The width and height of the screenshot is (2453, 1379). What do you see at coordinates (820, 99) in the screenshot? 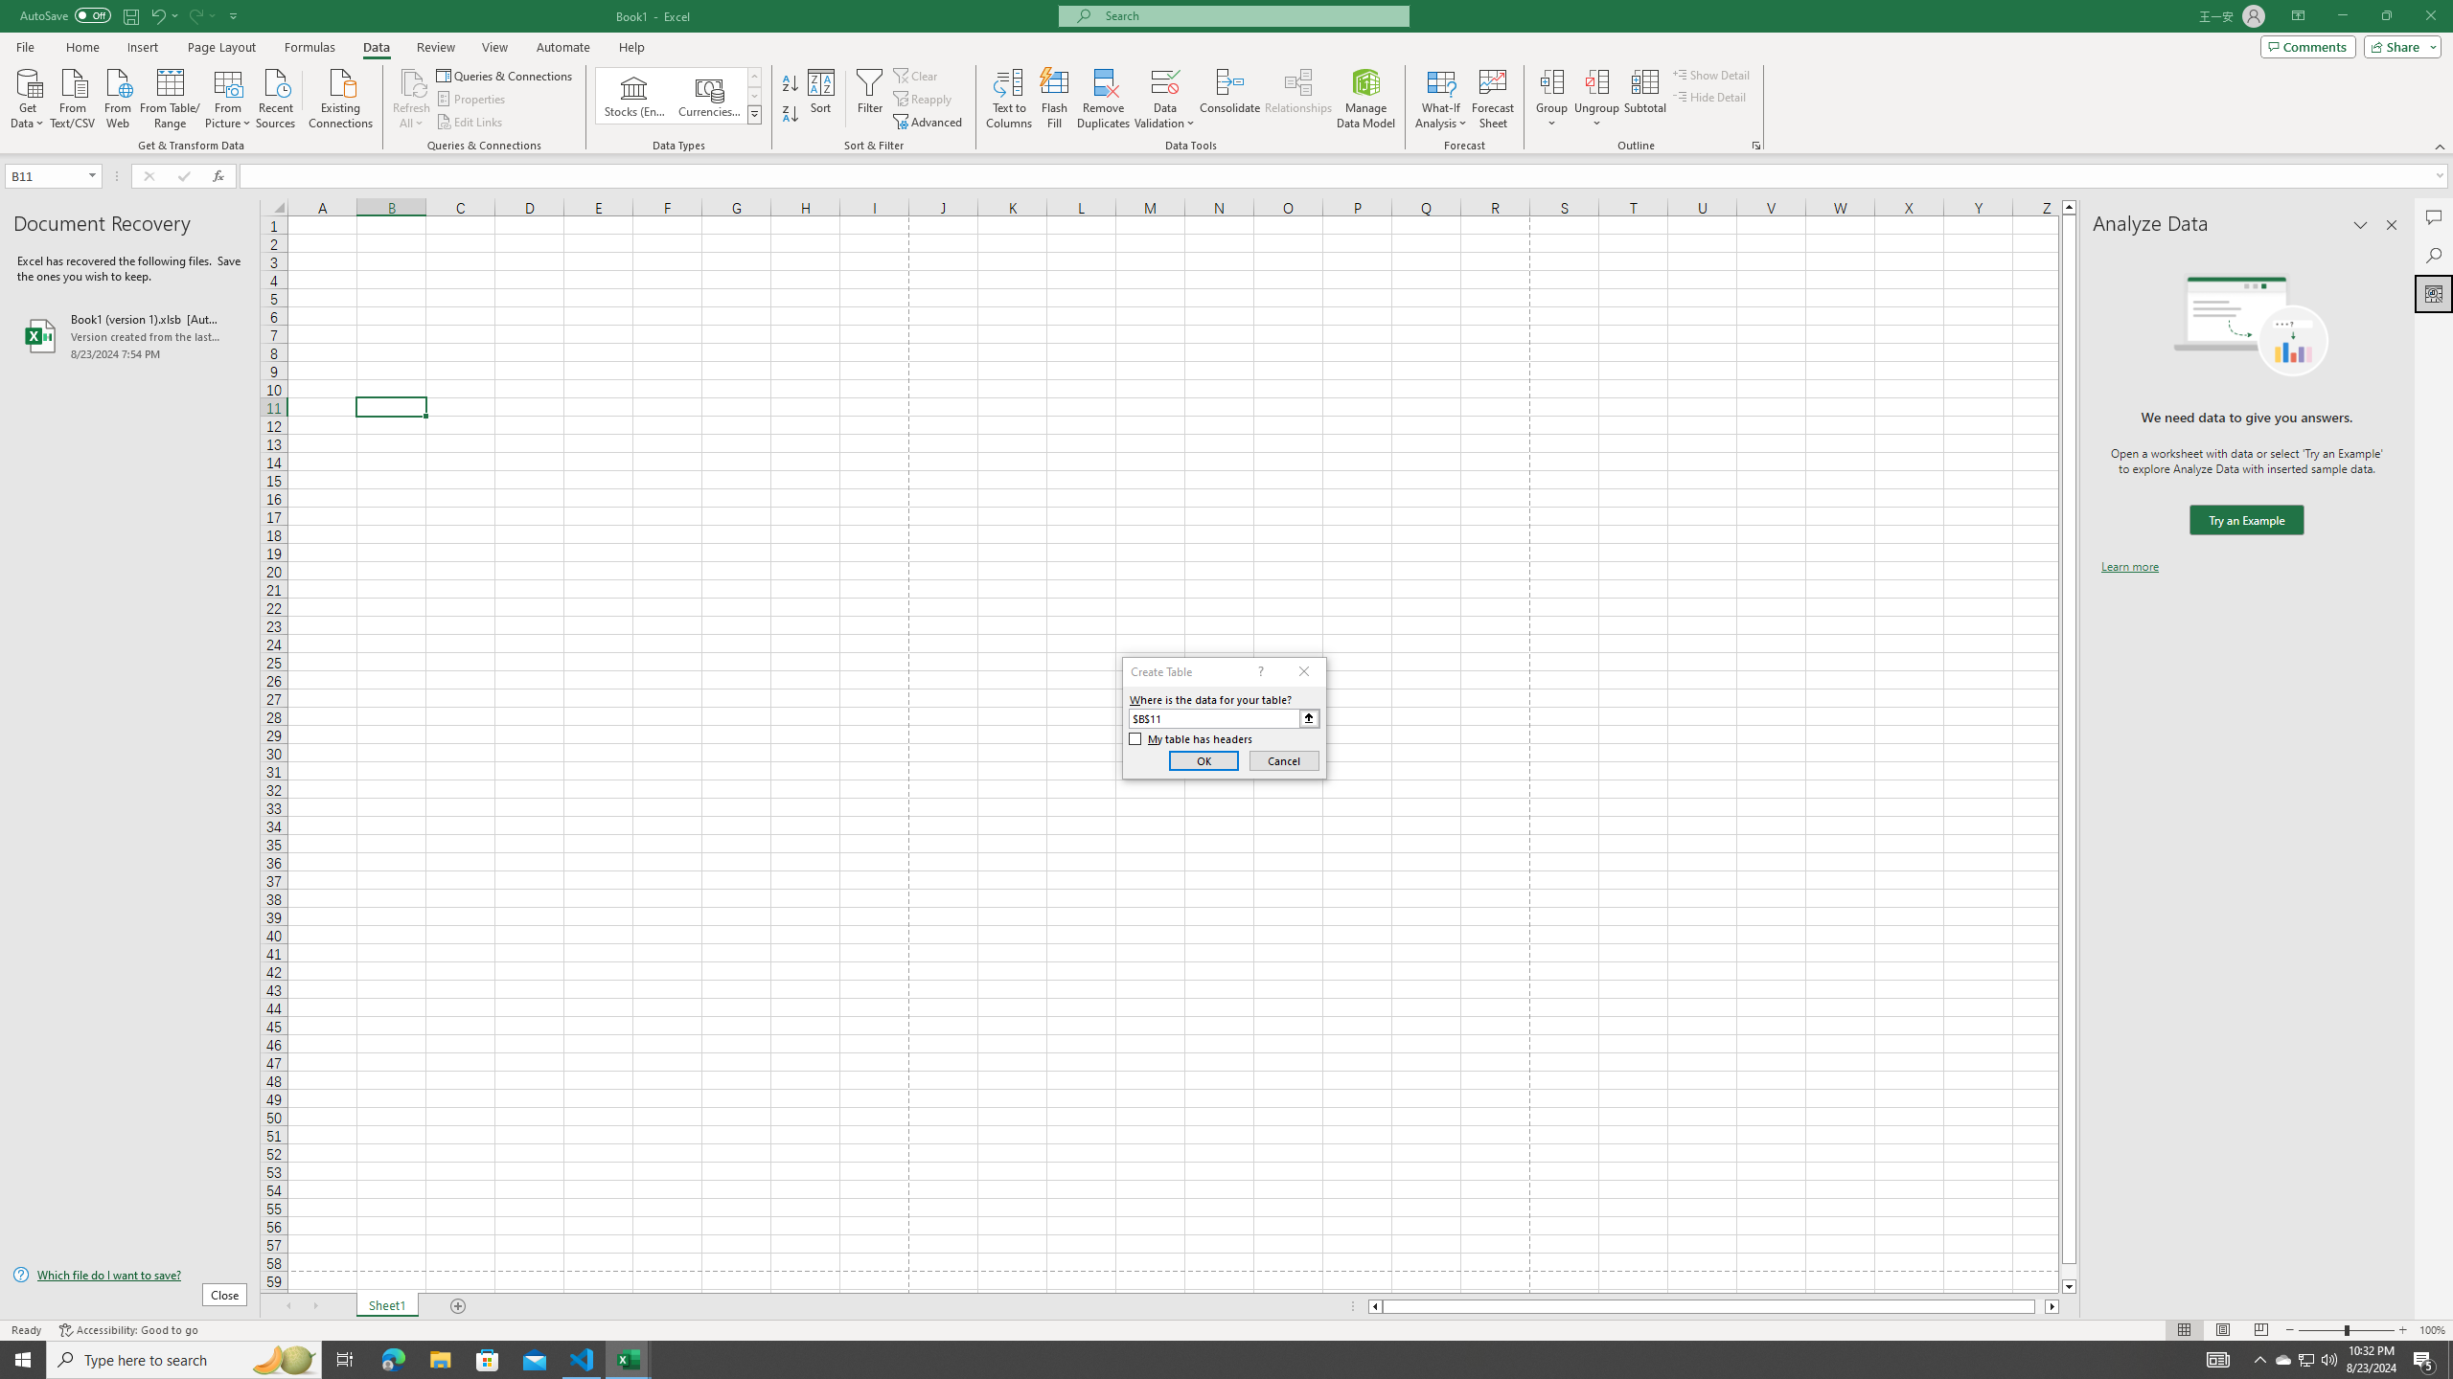
I see `'Sort...'` at bounding box center [820, 99].